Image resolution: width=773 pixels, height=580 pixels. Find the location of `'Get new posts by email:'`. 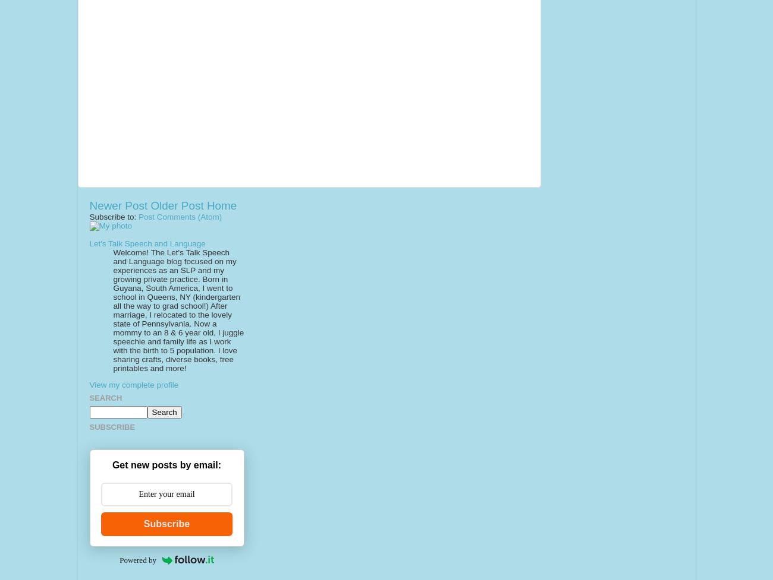

'Get new posts by email:' is located at coordinates (111, 464).